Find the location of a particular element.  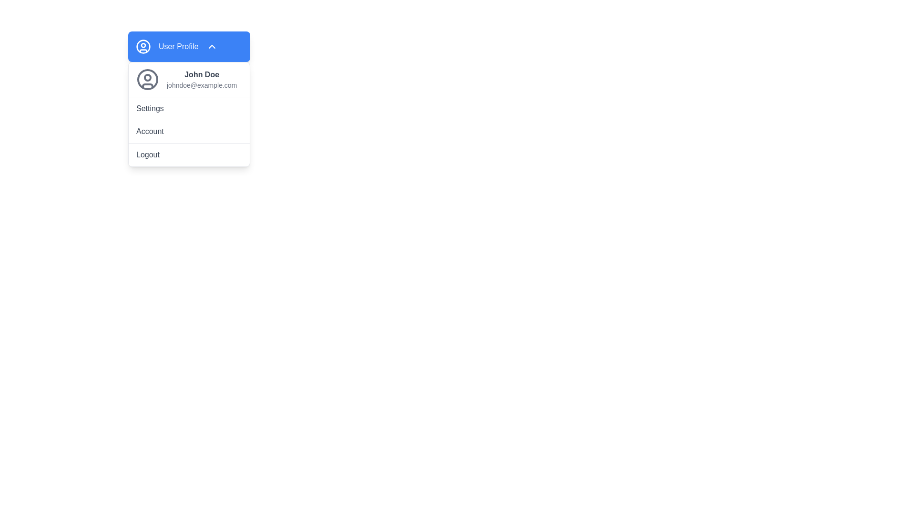

the upward-pointing chevron-shaped icon at the rightmost side of the 'User Profile' header is located at coordinates (211, 46).